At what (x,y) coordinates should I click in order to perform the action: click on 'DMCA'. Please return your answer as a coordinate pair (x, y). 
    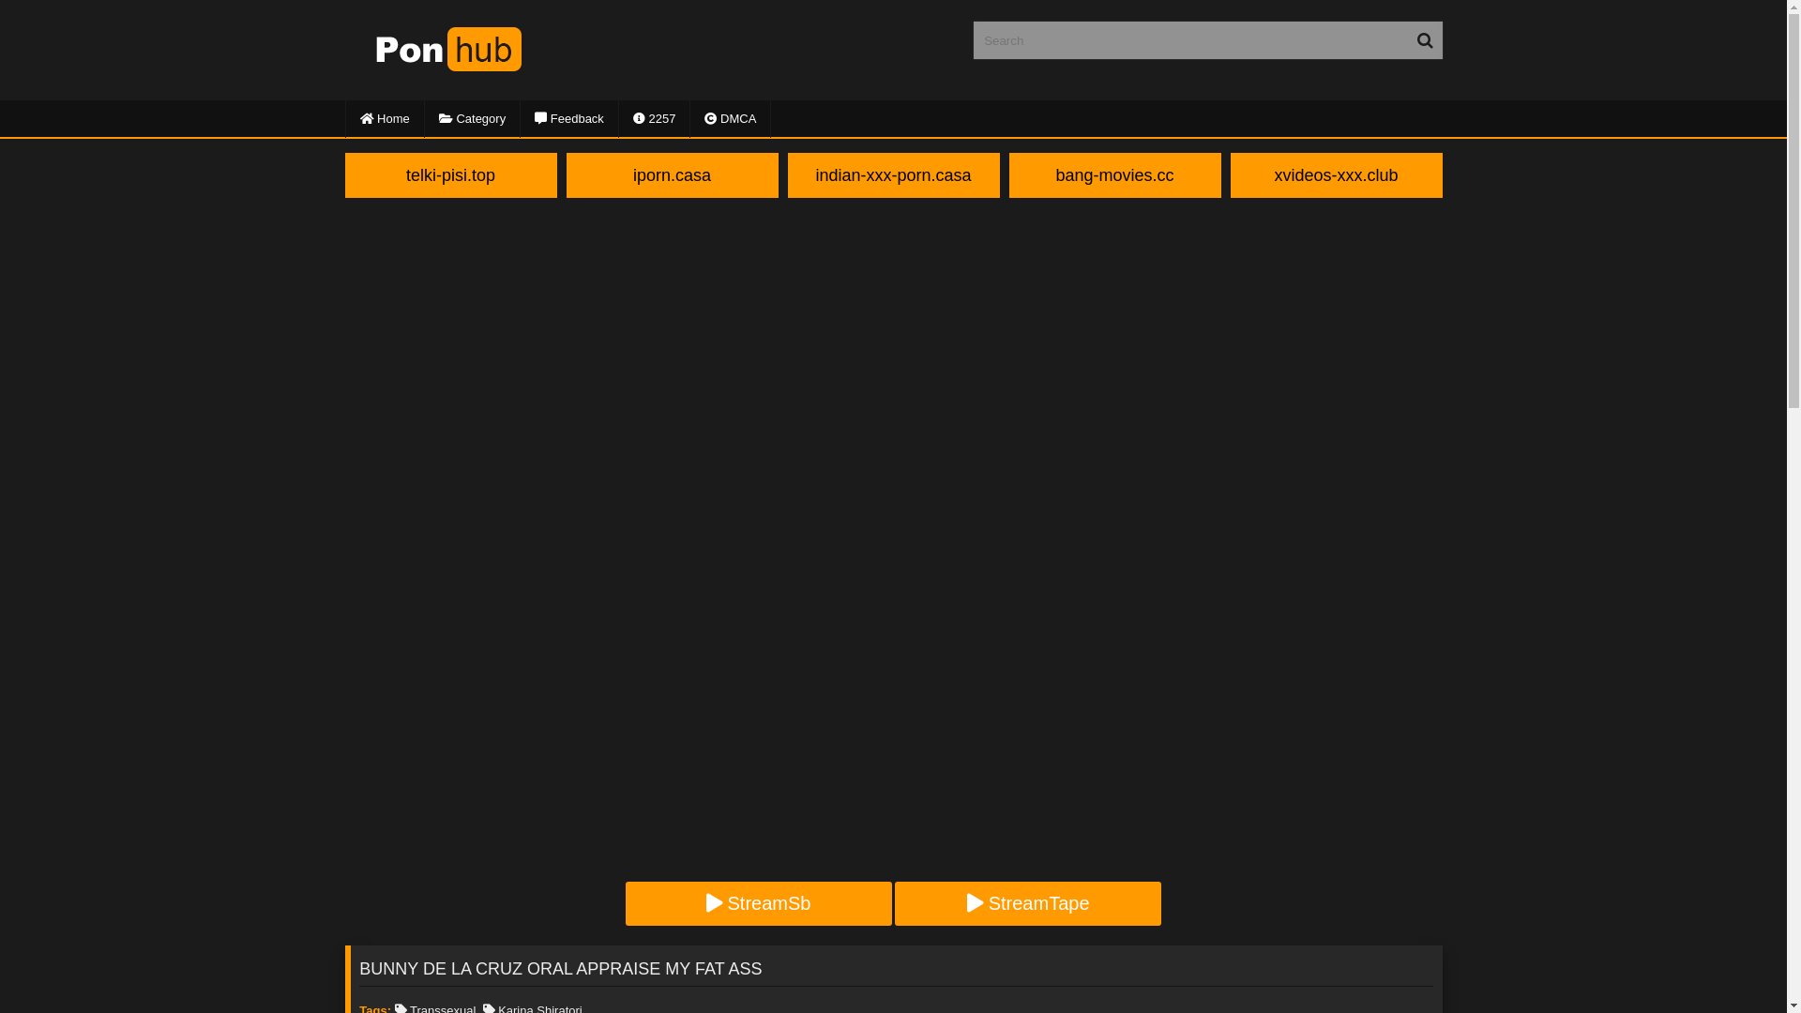
    Looking at the image, I should click on (729, 118).